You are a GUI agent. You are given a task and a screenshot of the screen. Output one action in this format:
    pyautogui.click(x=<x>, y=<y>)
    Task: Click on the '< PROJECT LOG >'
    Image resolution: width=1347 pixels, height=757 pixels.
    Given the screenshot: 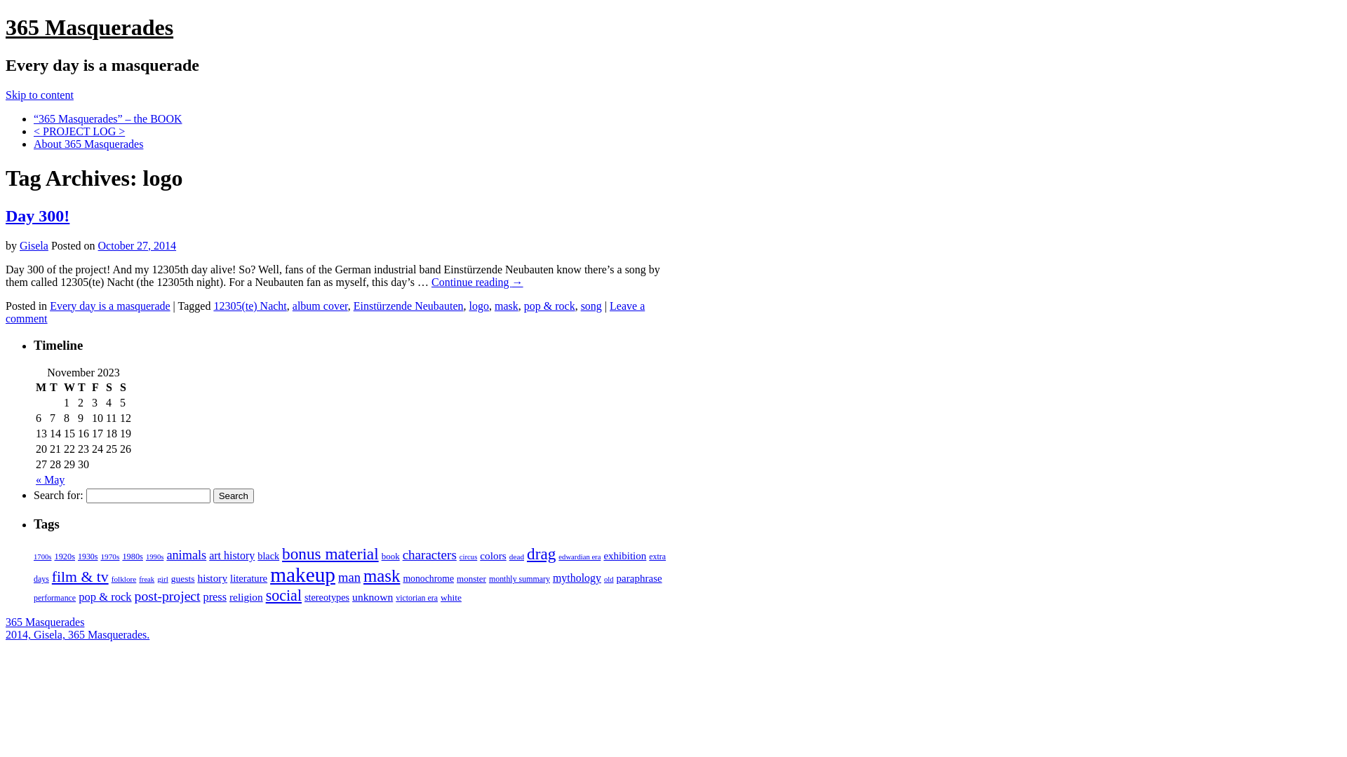 What is the action you would take?
    pyautogui.click(x=79, y=131)
    